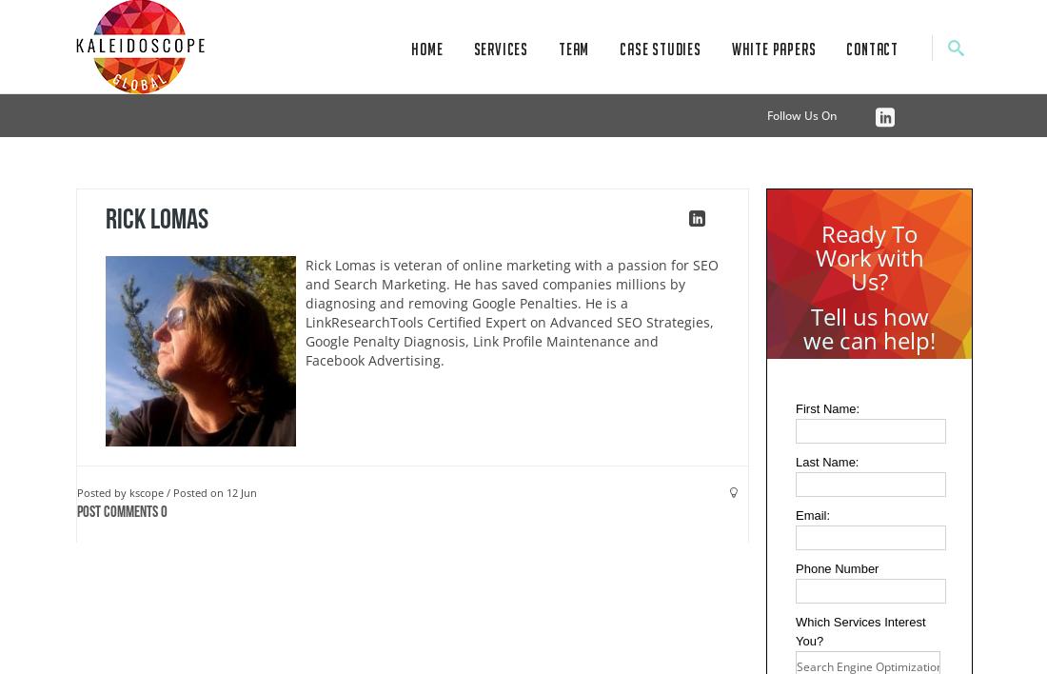  Describe the element at coordinates (572, 49) in the screenshot. I see `'Team'` at that location.